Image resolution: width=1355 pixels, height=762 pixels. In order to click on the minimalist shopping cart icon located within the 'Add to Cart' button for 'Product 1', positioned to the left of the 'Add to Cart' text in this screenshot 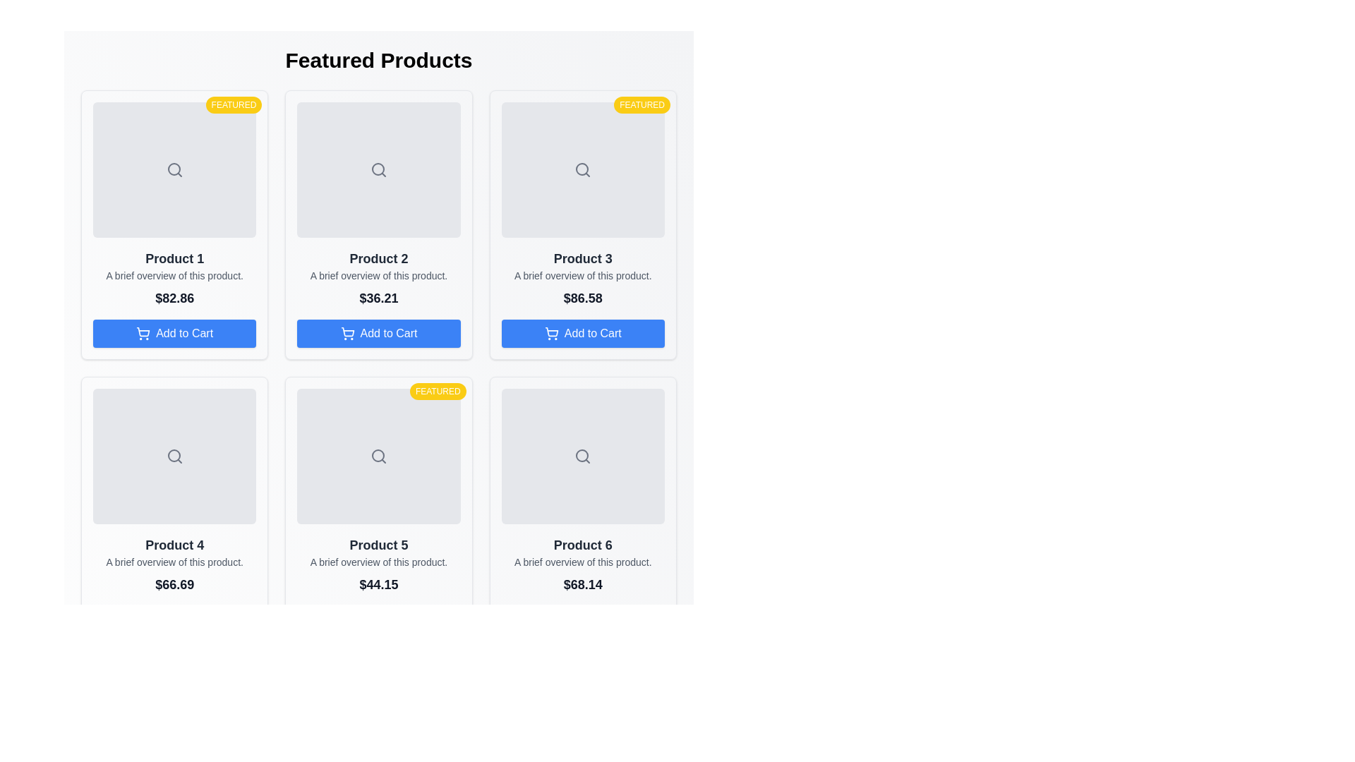, I will do `click(143, 334)`.